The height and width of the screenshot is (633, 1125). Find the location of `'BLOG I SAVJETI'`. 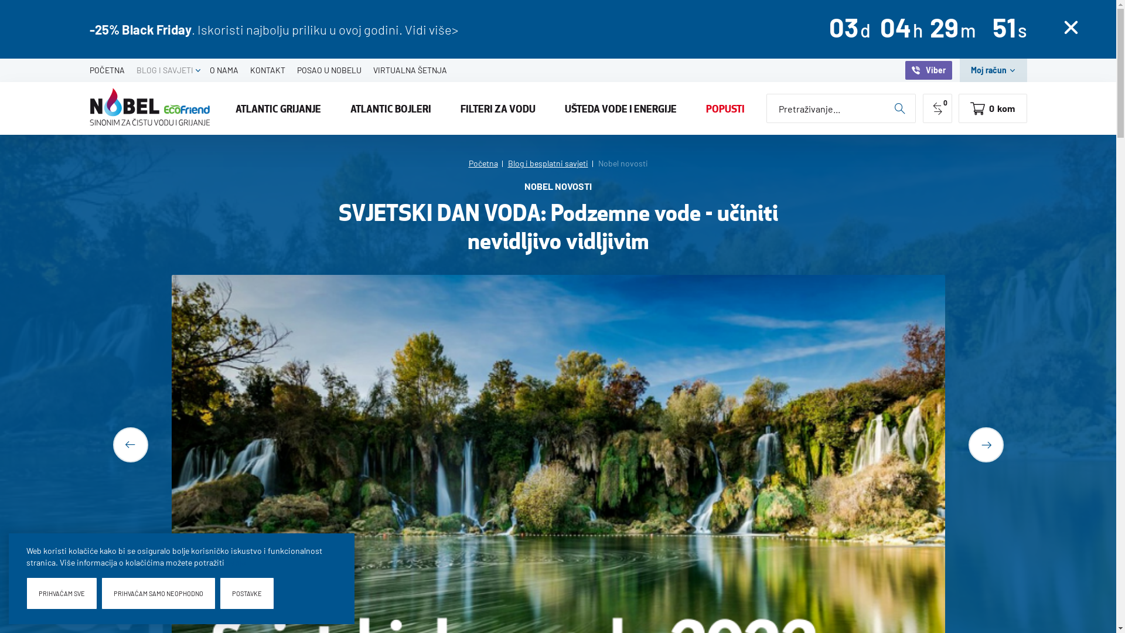

'BLOG I SAVJETI' is located at coordinates (163, 70).